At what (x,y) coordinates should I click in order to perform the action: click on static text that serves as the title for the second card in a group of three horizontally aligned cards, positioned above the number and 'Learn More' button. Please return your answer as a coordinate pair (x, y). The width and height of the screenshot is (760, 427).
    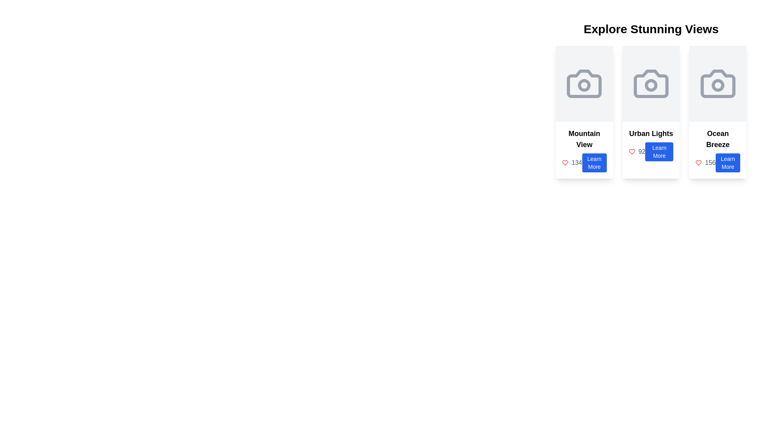
    Looking at the image, I should click on (651, 133).